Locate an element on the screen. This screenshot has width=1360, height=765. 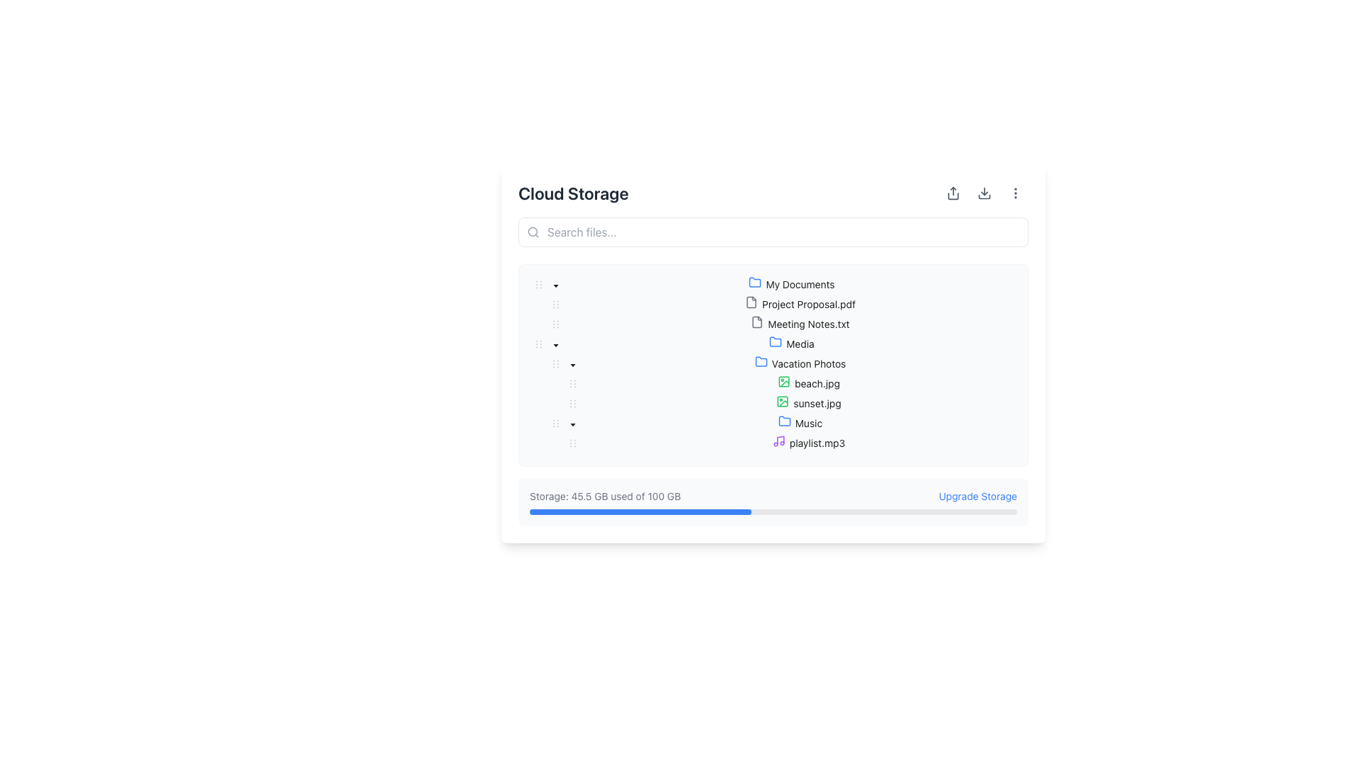
the vertical ellipsis menu icon located in the top-right corner of the cloud storage interface is located at coordinates (1015, 193).